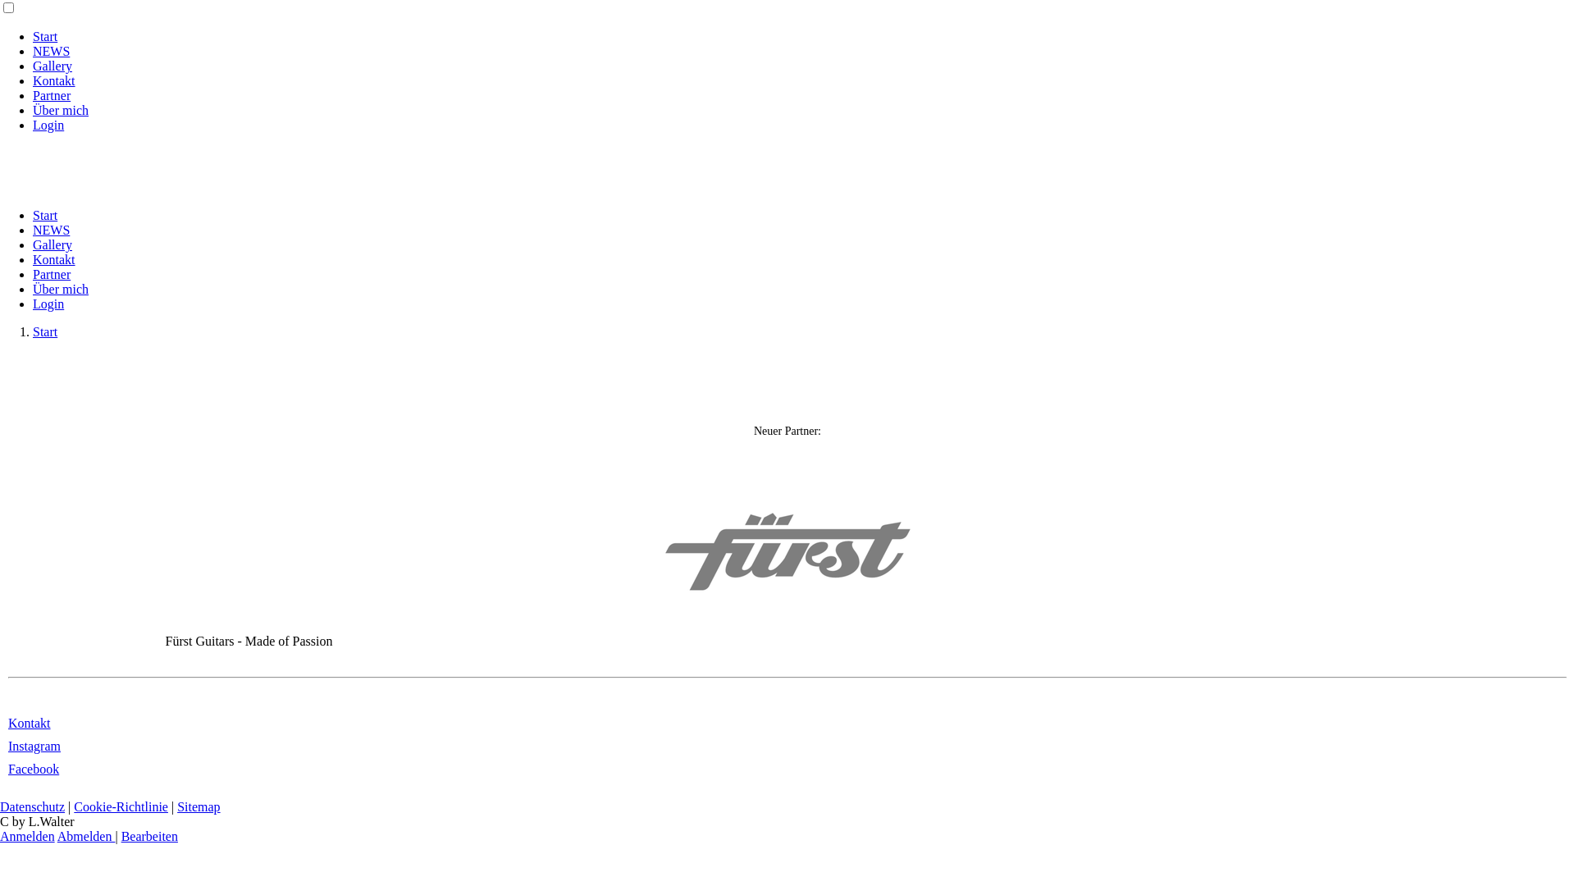  What do you see at coordinates (44, 331) in the screenshot?
I see `'Start'` at bounding box center [44, 331].